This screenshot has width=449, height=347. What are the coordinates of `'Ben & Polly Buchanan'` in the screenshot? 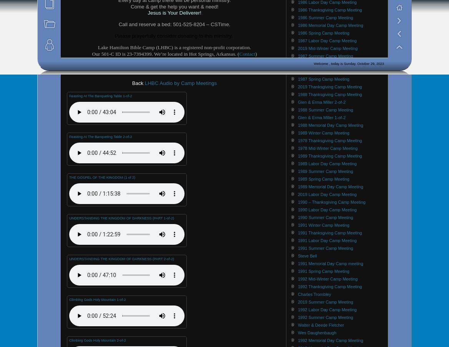 It's located at (318, 63).